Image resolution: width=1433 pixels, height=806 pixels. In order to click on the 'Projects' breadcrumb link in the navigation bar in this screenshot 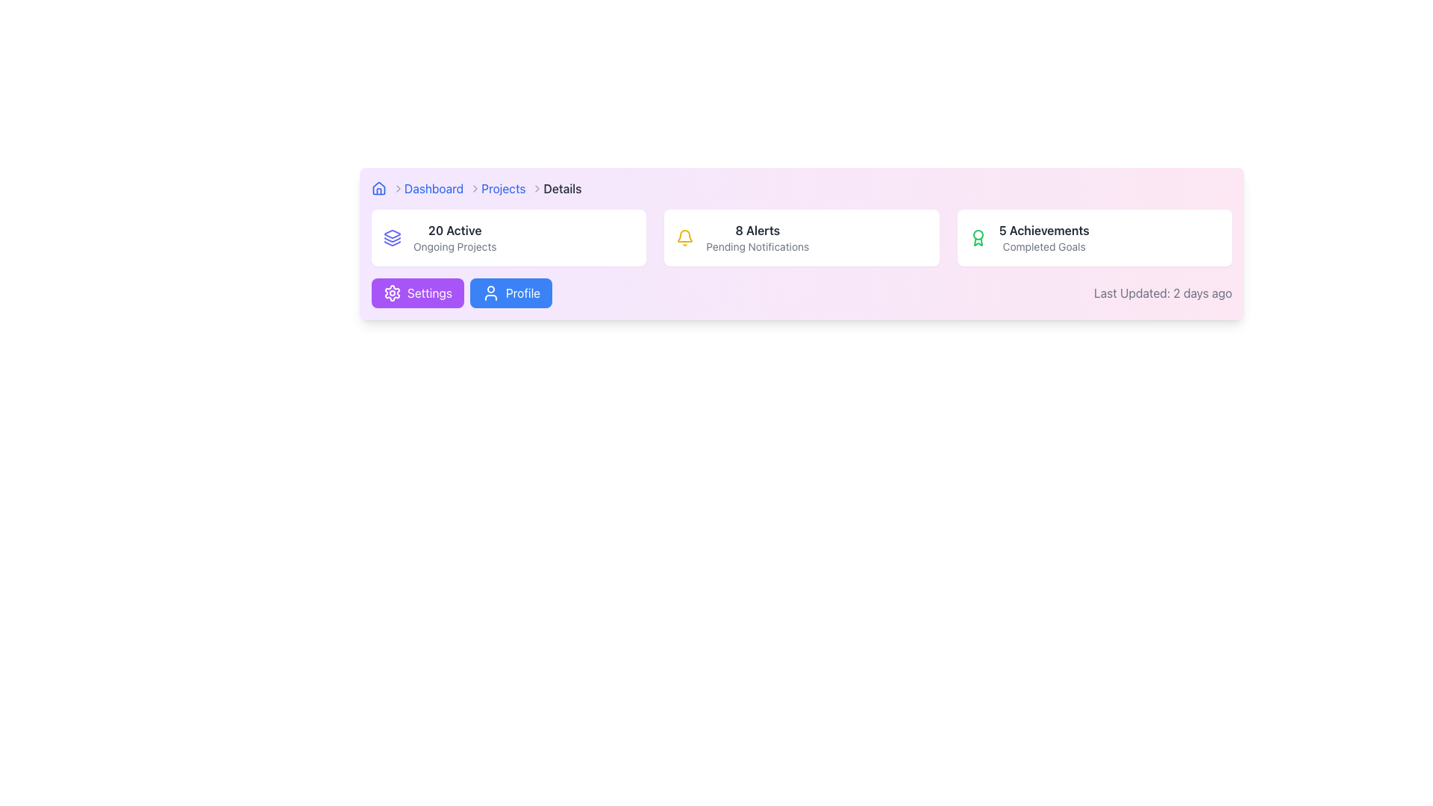, I will do `click(512, 188)`.